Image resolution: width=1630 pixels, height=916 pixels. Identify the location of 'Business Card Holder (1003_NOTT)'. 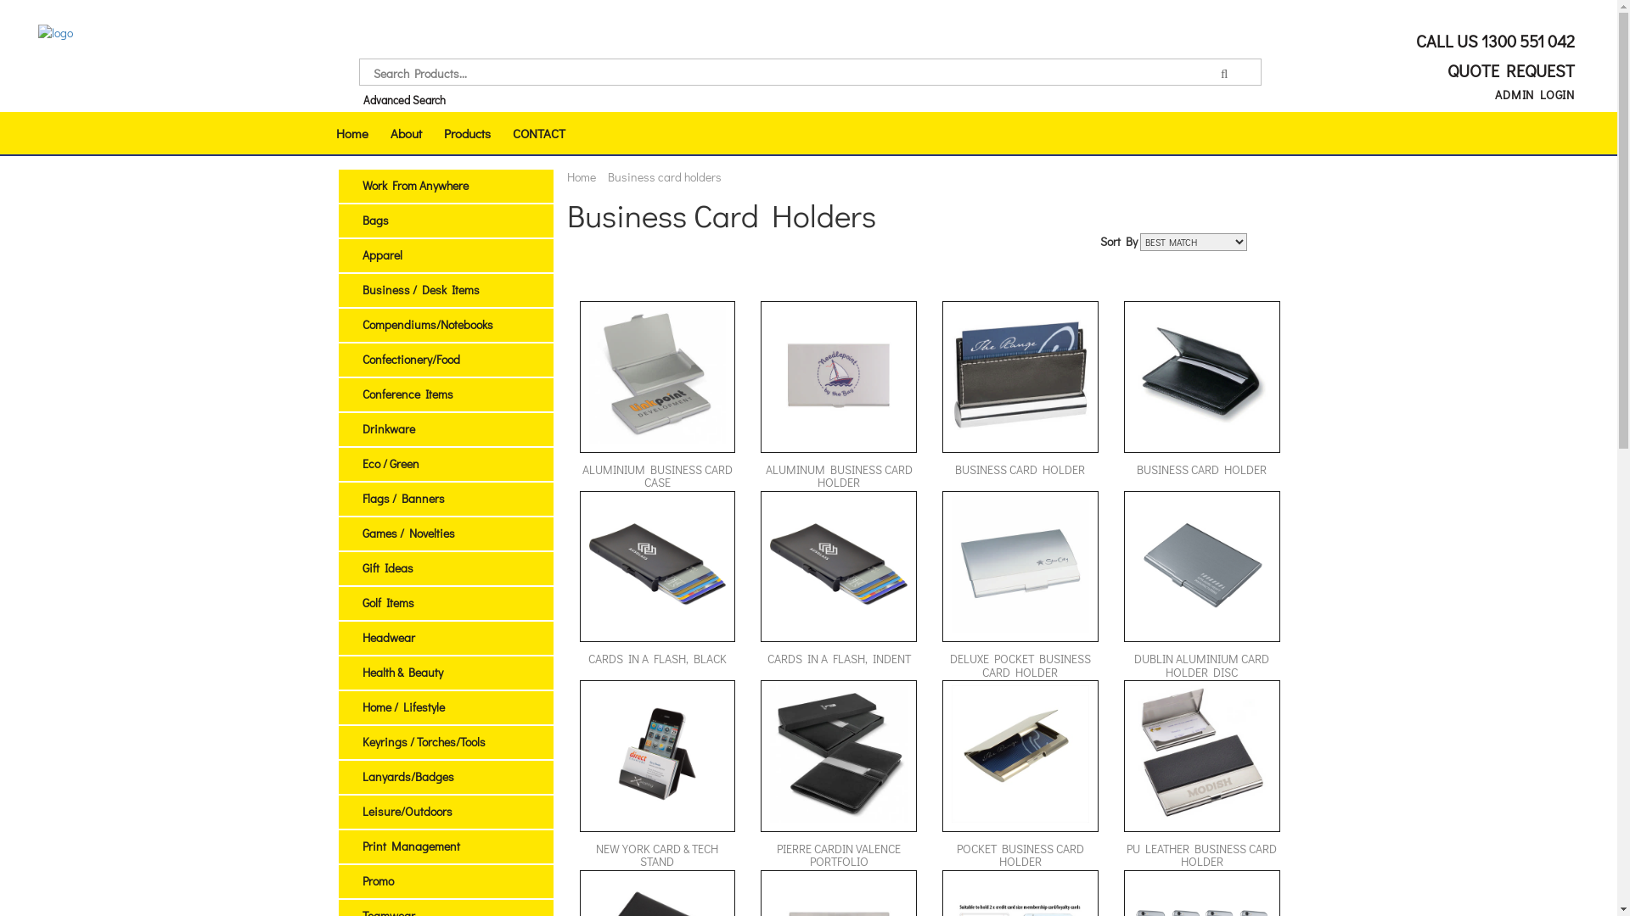
(1019, 374).